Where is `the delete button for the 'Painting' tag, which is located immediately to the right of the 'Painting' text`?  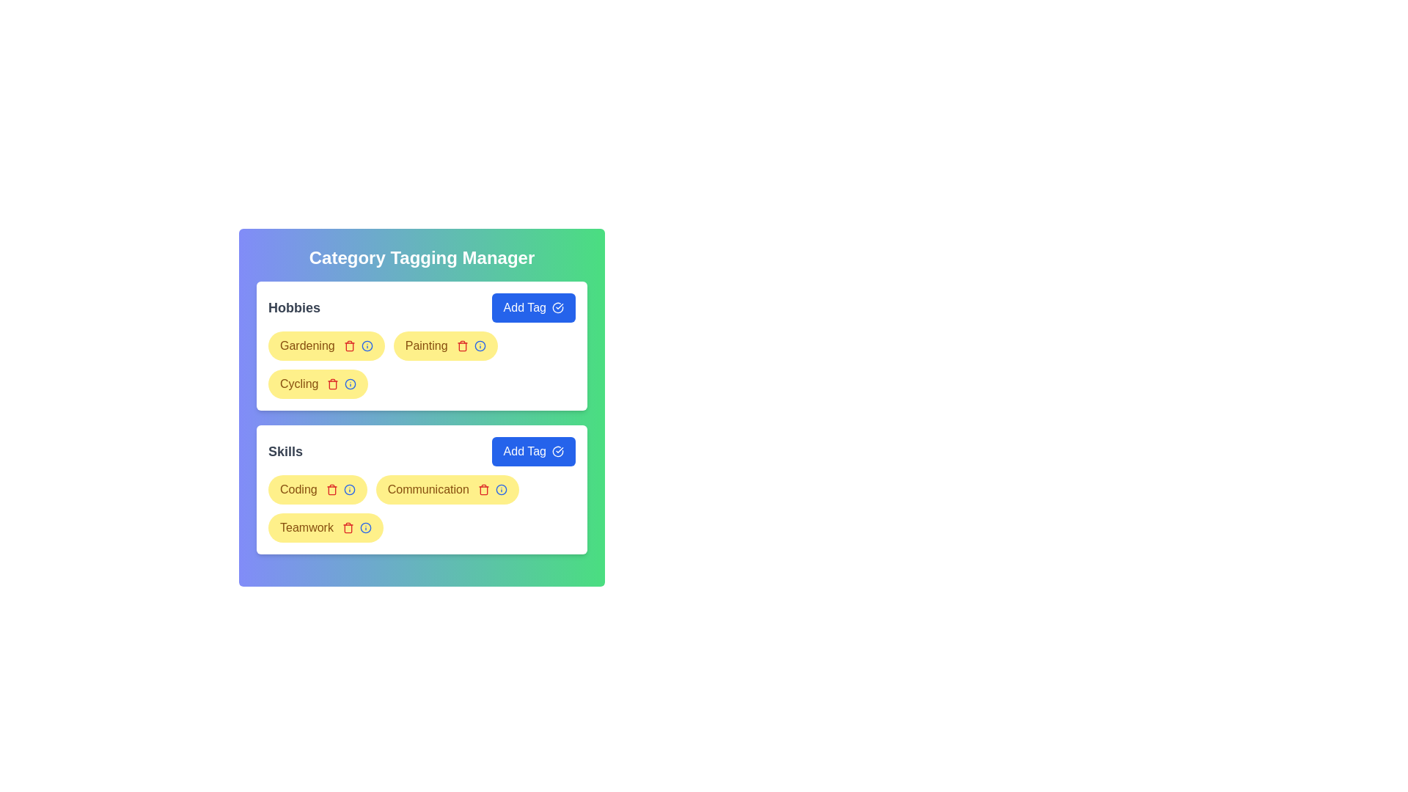
the delete button for the 'Painting' tag, which is located immediately to the right of the 'Painting' text is located at coordinates (461, 345).